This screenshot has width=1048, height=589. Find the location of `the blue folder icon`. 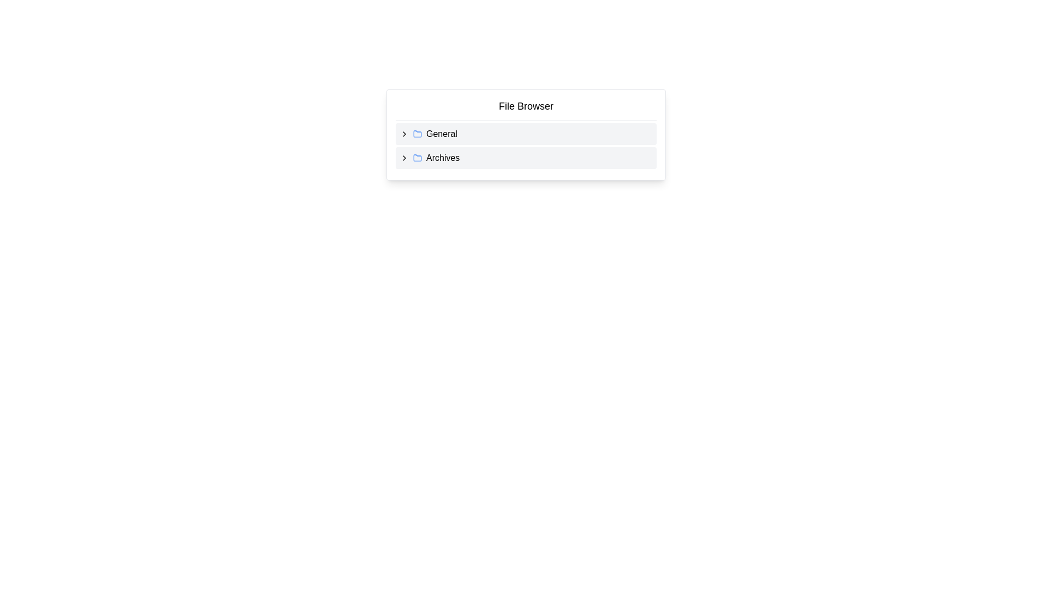

the blue folder icon is located at coordinates (416, 158).